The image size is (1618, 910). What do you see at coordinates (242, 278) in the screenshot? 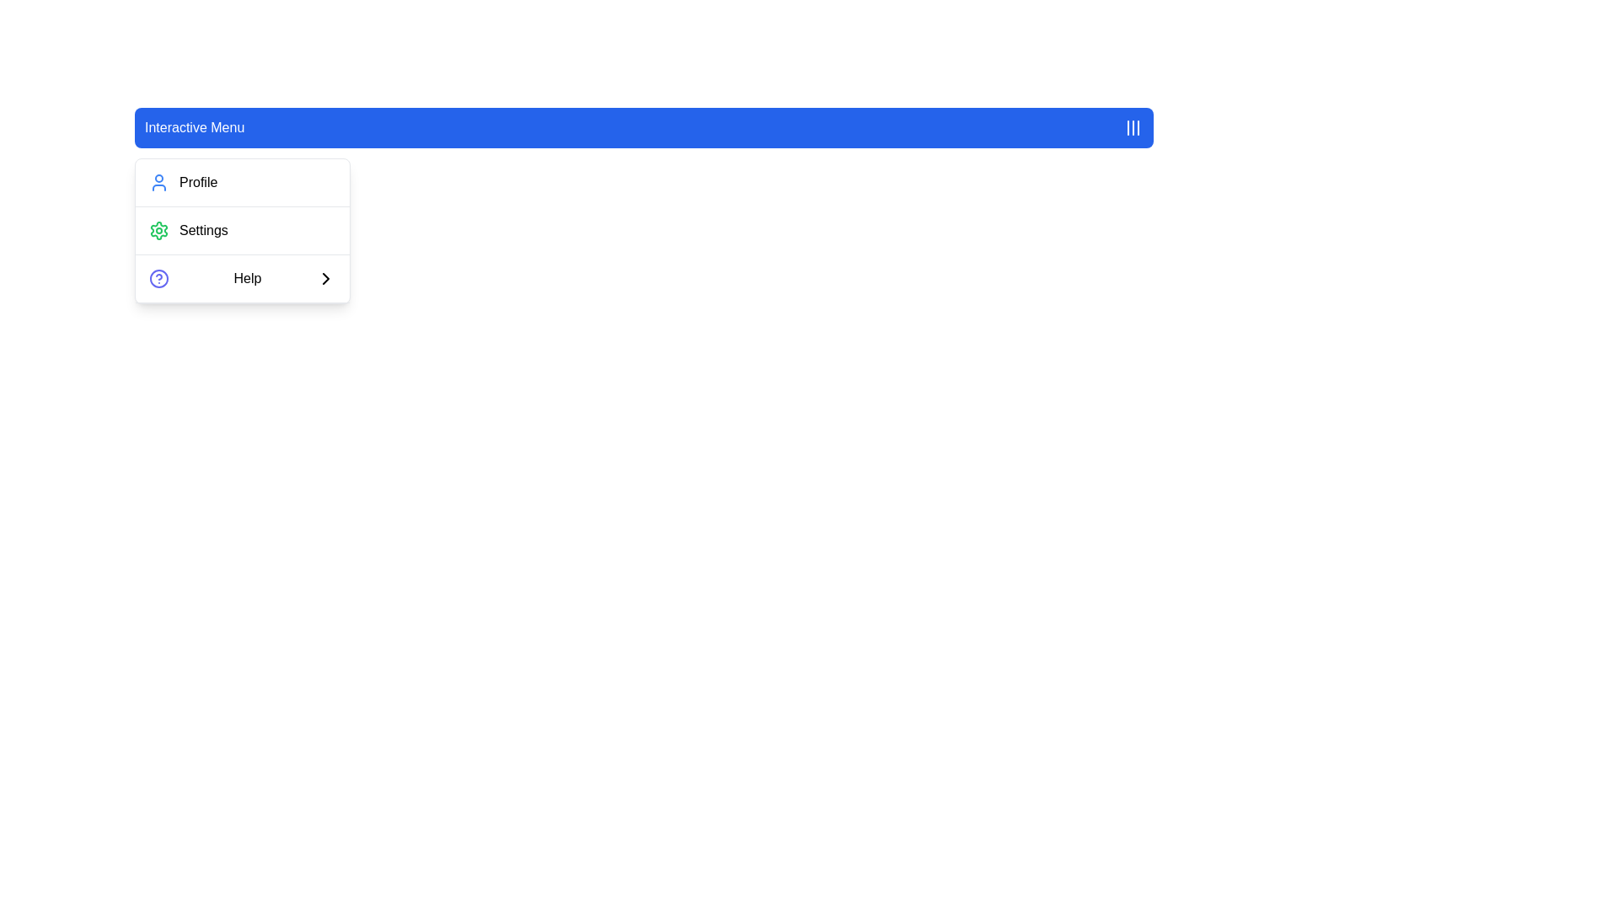
I see `the third item in the dropdown menu, which serves as a navigation point to the 'Help' section` at bounding box center [242, 278].